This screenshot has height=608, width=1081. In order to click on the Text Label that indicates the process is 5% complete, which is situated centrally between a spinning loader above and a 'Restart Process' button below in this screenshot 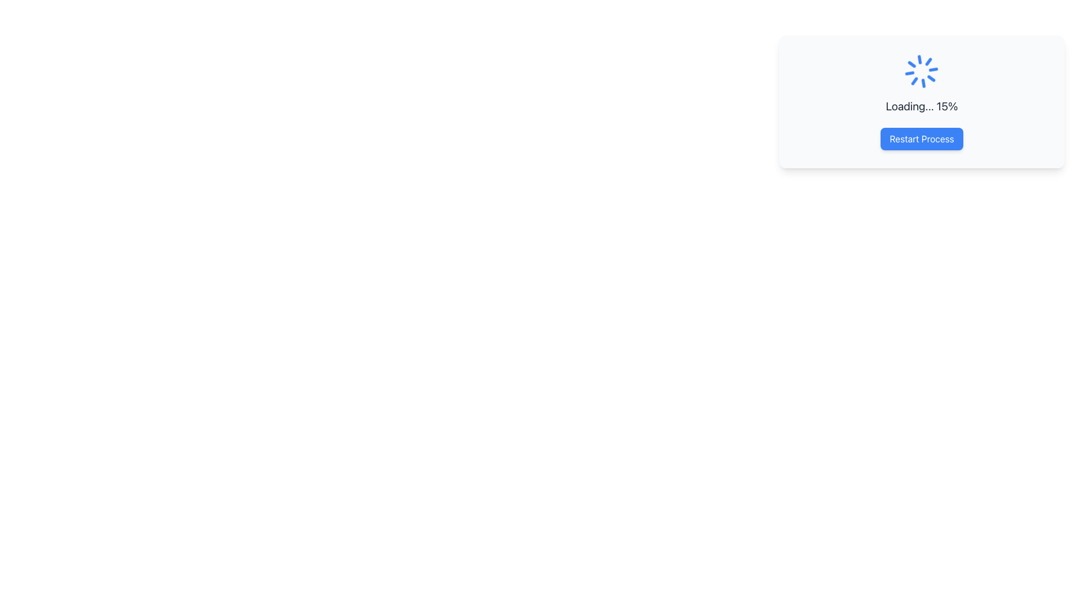, I will do `click(922, 106)`.